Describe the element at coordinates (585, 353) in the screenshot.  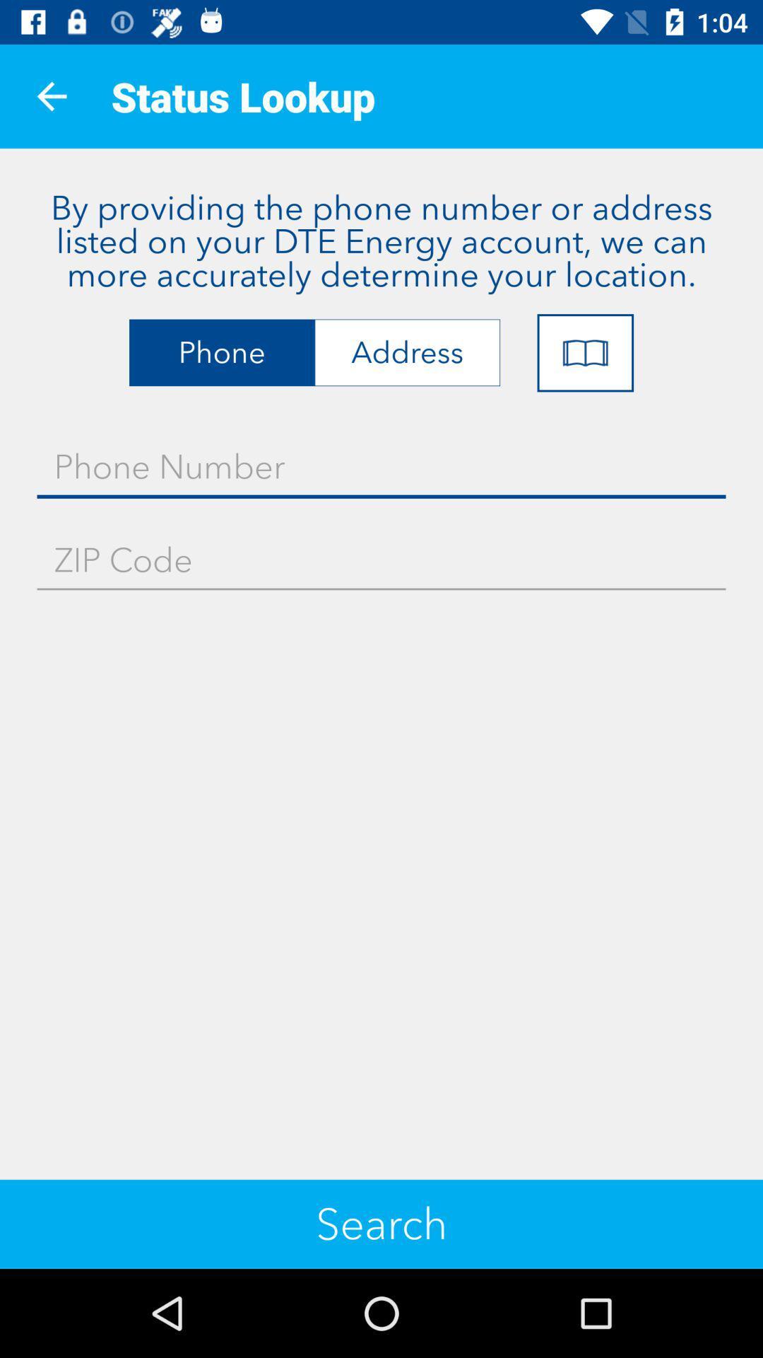
I see `the icon at the top right corner` at that location.